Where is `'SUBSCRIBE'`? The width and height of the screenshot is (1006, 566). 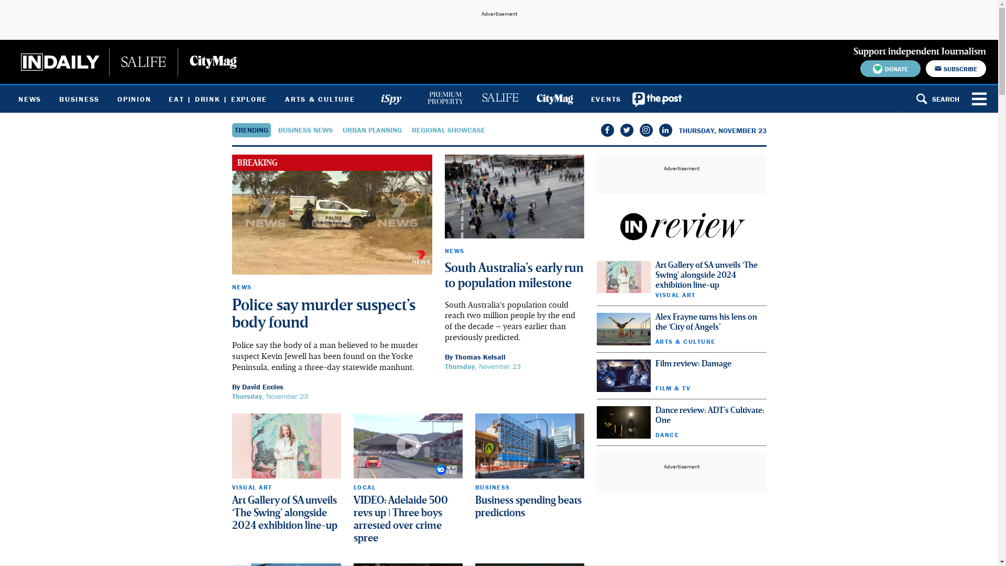
'SUBSCRIBE' is located at coordinates (925, 69).